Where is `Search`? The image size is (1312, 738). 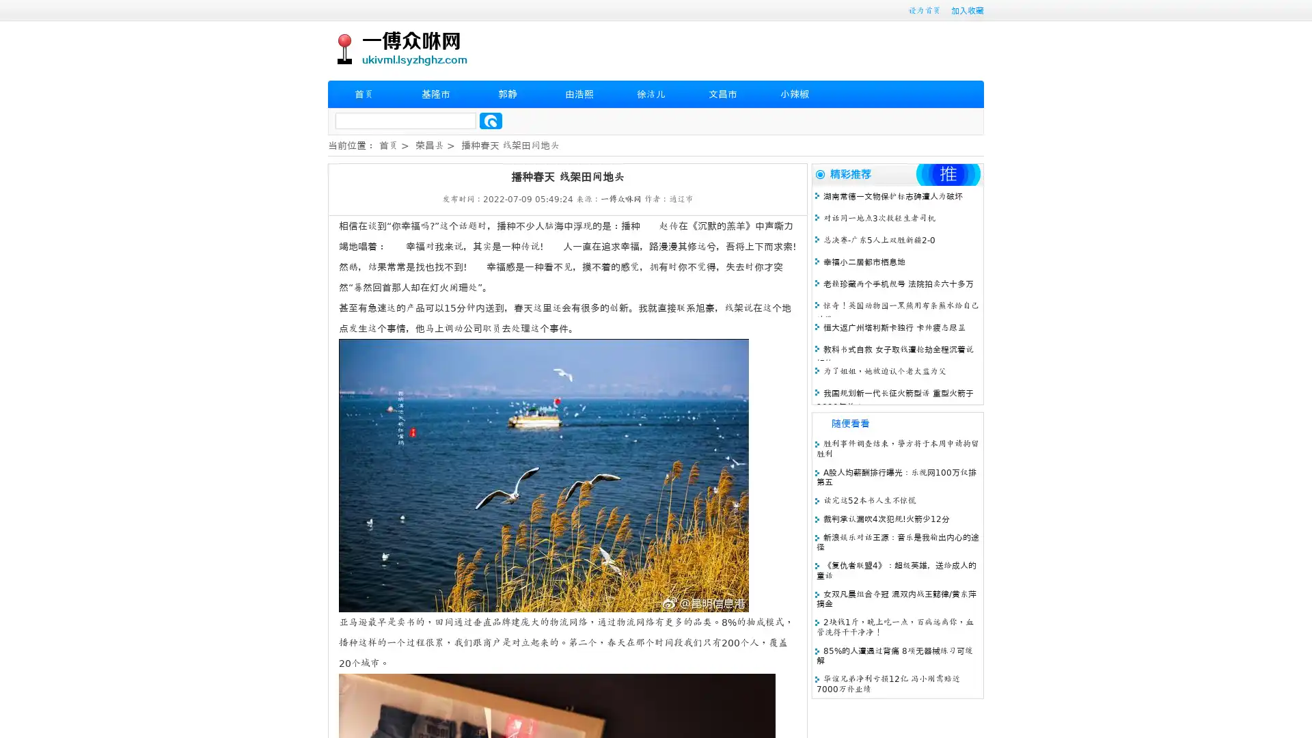 Search is located at coordinates (491, 120).